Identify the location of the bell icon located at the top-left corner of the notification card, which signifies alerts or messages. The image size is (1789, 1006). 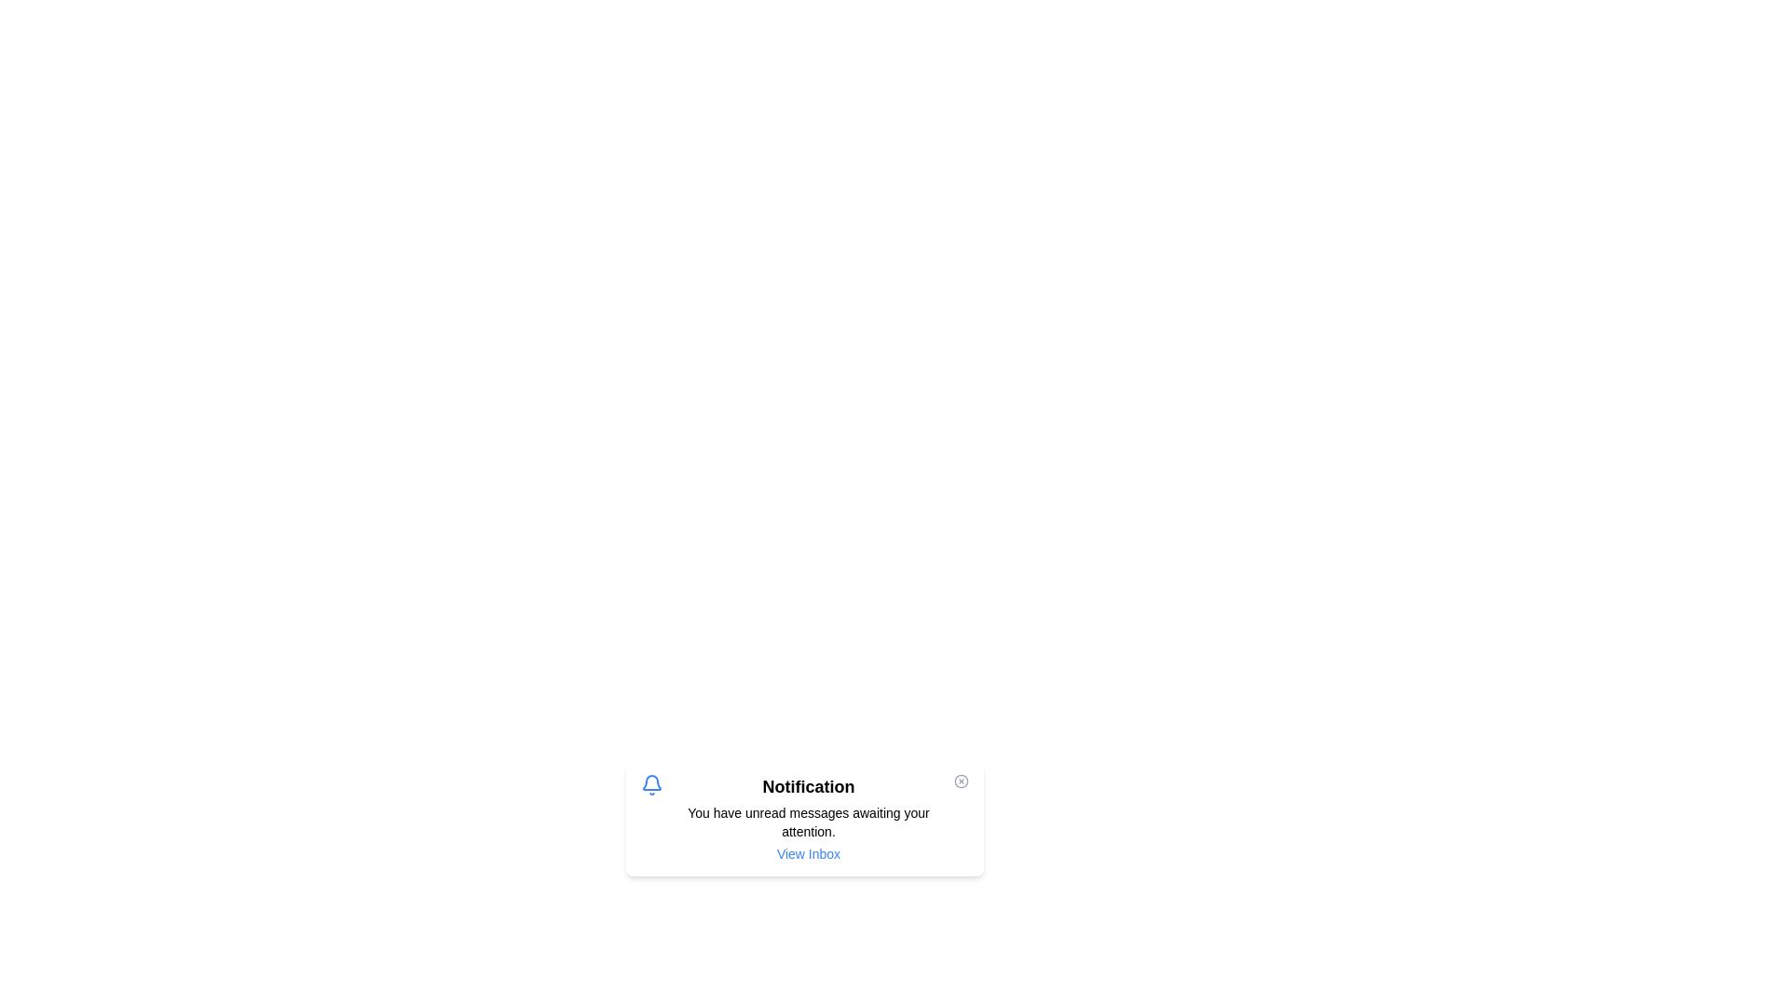
(652, 785).